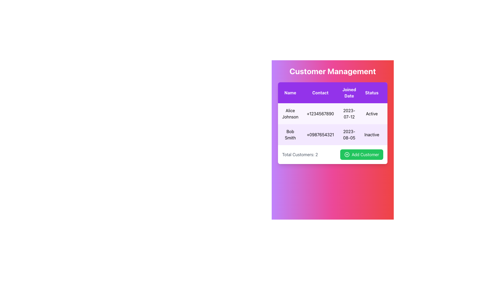  I want to click on the text label displaying the date '2023-08-05' in the third column of the second row under the 'Joined Date' heading of the customer details table, so click(349, 134).